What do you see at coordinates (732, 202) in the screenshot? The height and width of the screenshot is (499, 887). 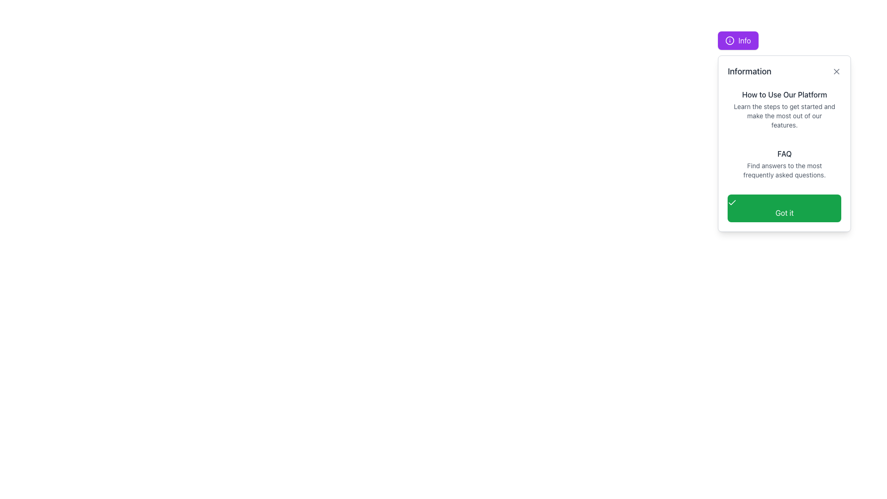 I see `the 'Got it' button containing the green checkmark icon, which indicates success or confirmation` at bounding box center [732, 202].